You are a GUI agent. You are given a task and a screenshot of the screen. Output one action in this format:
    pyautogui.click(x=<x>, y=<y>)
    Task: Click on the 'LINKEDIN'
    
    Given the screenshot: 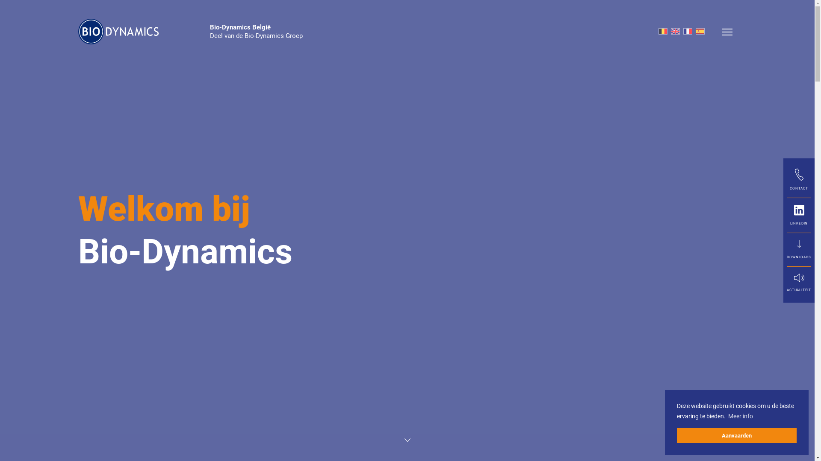 What is the action you would take?
    pyautogui.click(x=798, y=215)
    